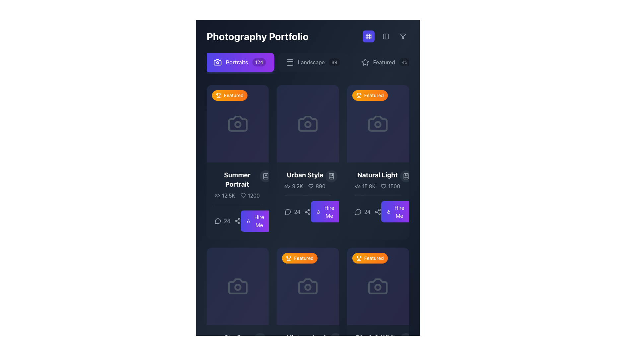 This screenshot has height=358, width=637. Describe the element at coordinates (365, 186) in the screenshot. I see `the numerical display '15.8K' located below the 'Natural Light' card in the third column, which is adjacent to an eye icon` at that location.